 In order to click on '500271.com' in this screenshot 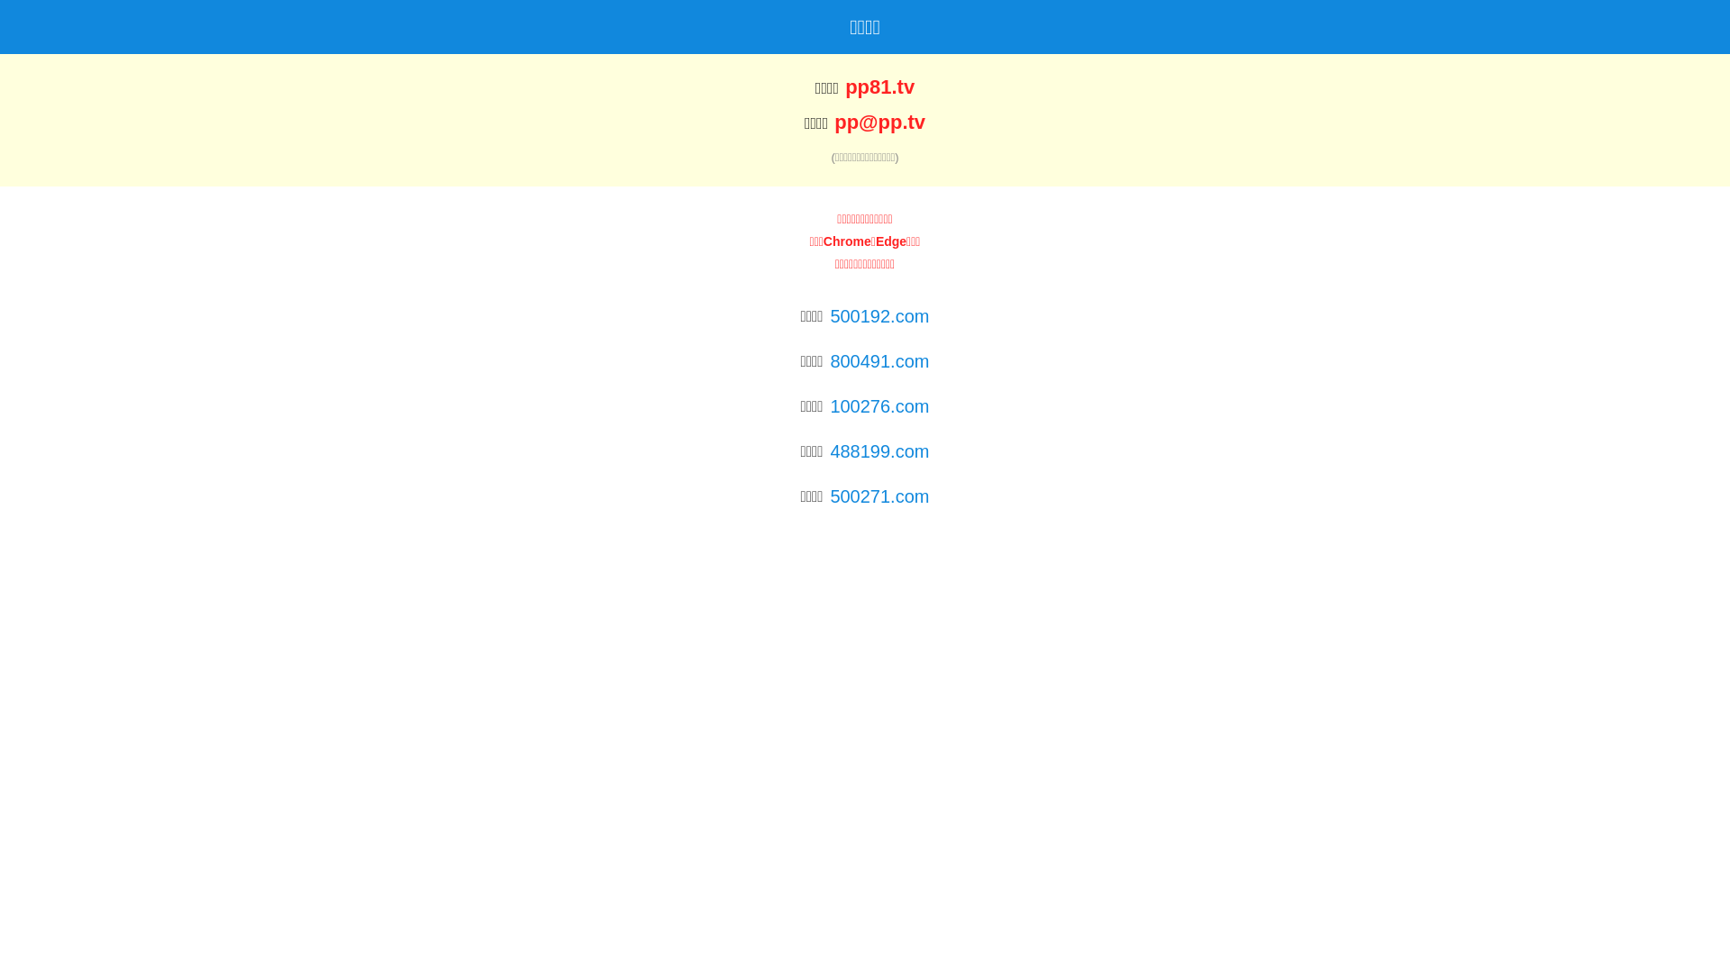, I will do `click(879, 496)`.